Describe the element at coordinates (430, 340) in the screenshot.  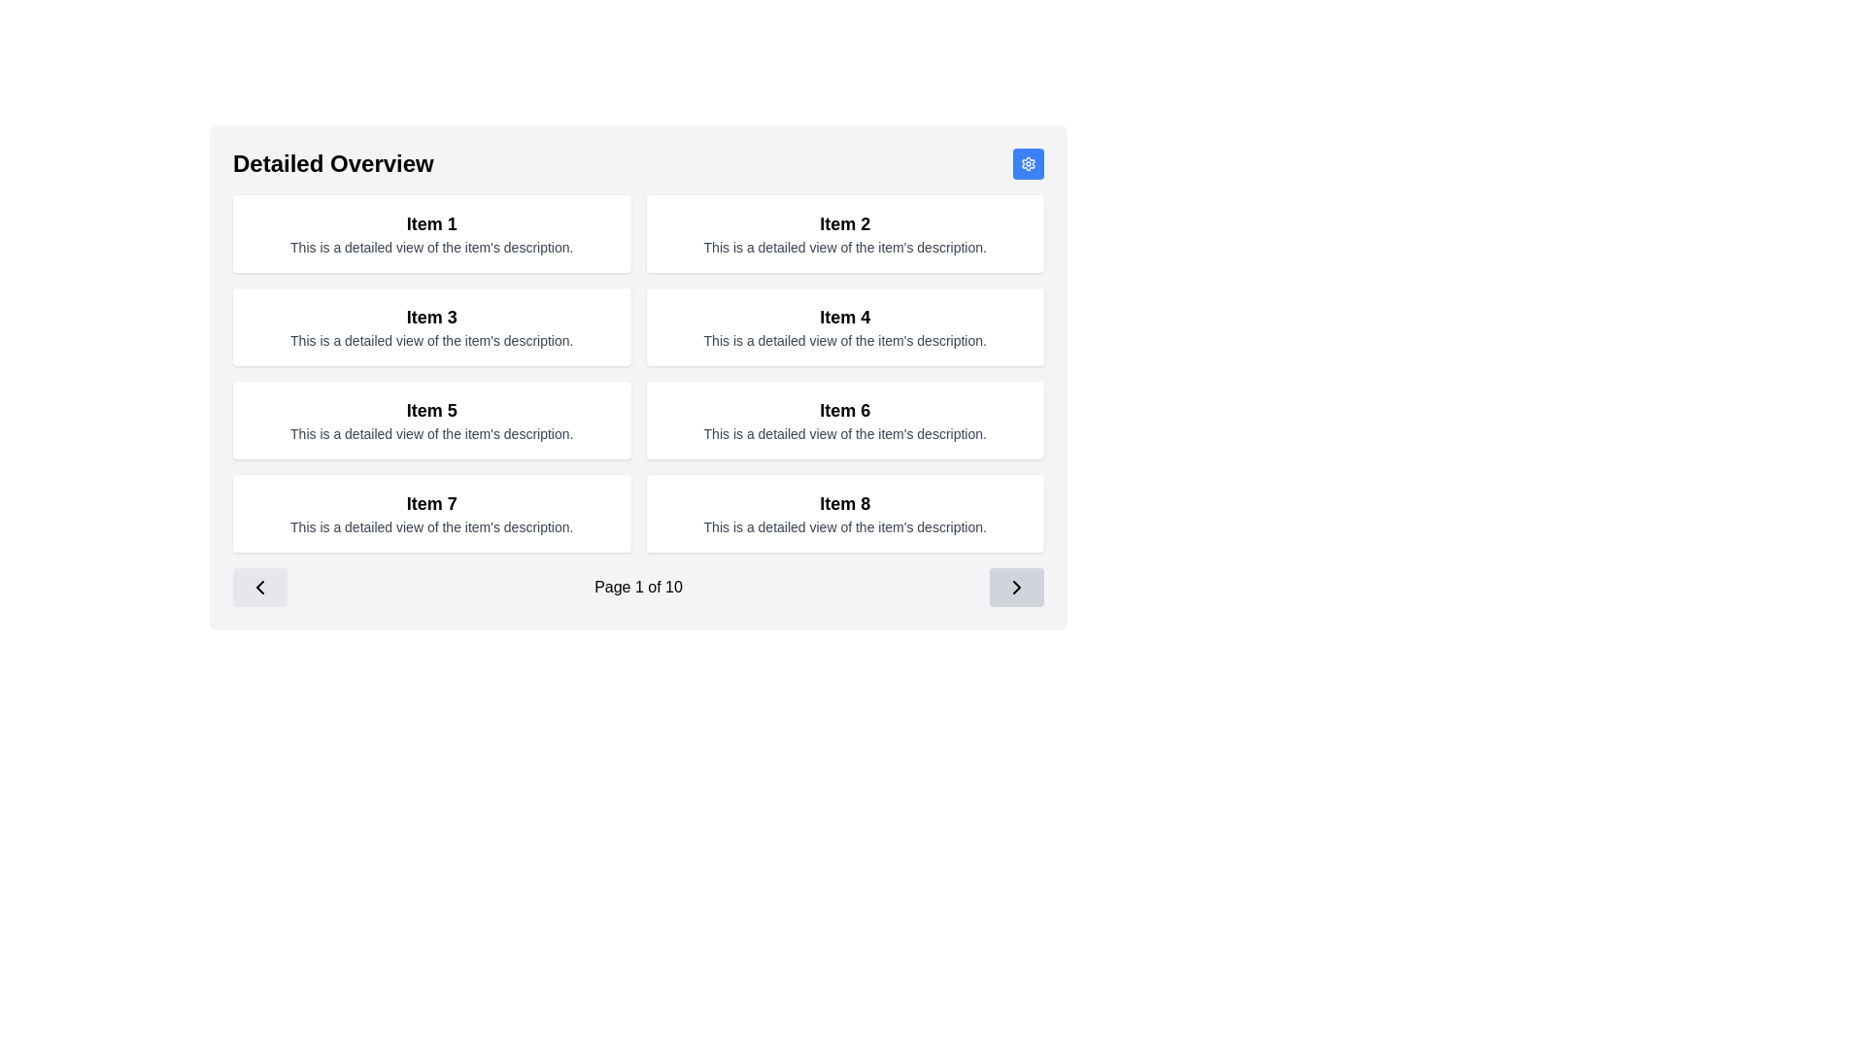
I see `the descriptive text that provides information about the third item, located below the title 'Item 3' in the first column of the second row of the grid layout` at that location.